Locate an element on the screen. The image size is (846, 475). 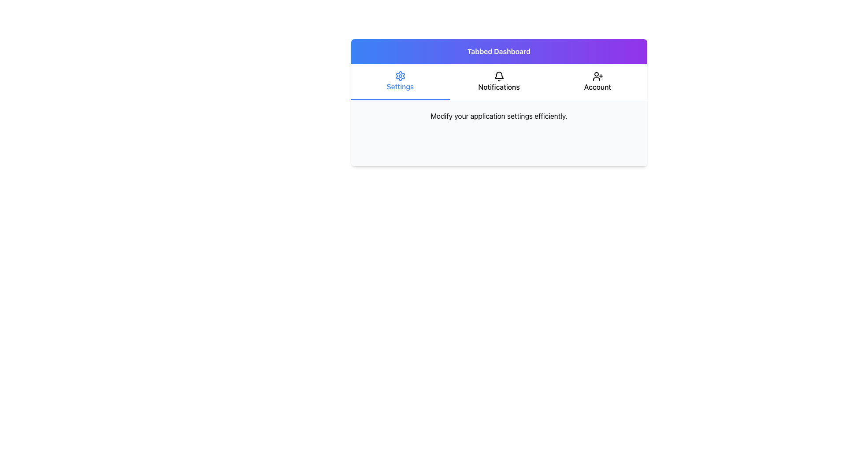
the 'Settings' tab, which features a gear icon and blue text is located at coordinates (400, 81).